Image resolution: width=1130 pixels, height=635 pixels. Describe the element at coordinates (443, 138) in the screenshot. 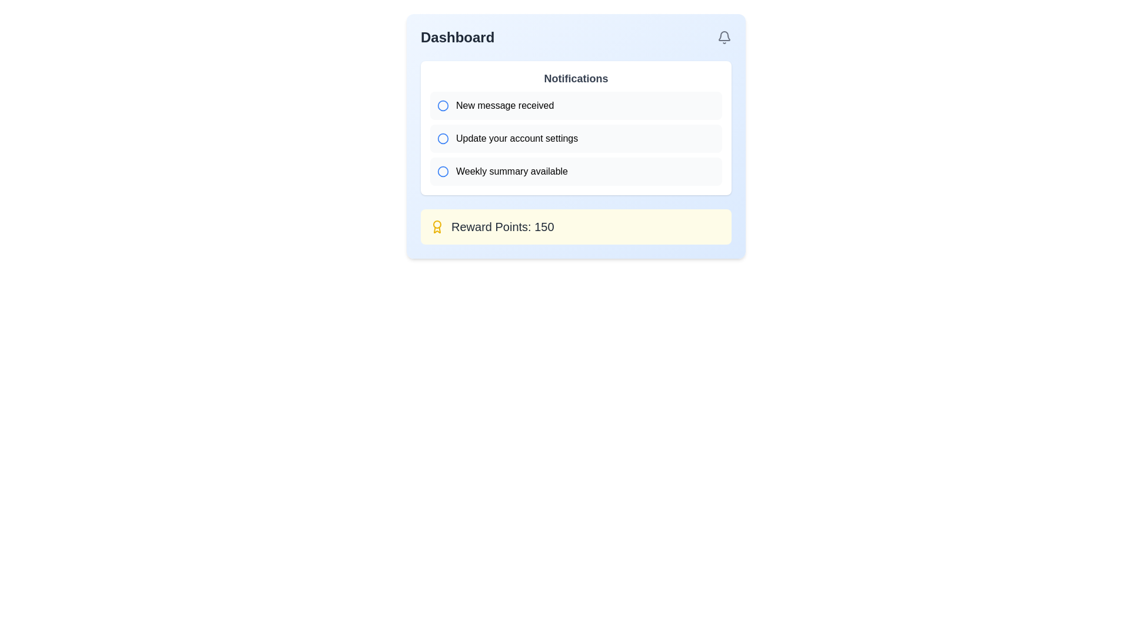

I see `the circular icon with a blue outline, which is the second indicator in the vertical list of notifications next to 'Update your account settings'` at that location.